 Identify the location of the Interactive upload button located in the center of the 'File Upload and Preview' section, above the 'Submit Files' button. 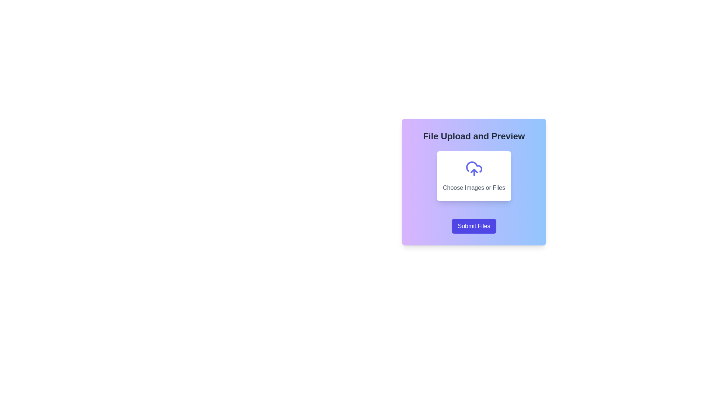
(474, 176).